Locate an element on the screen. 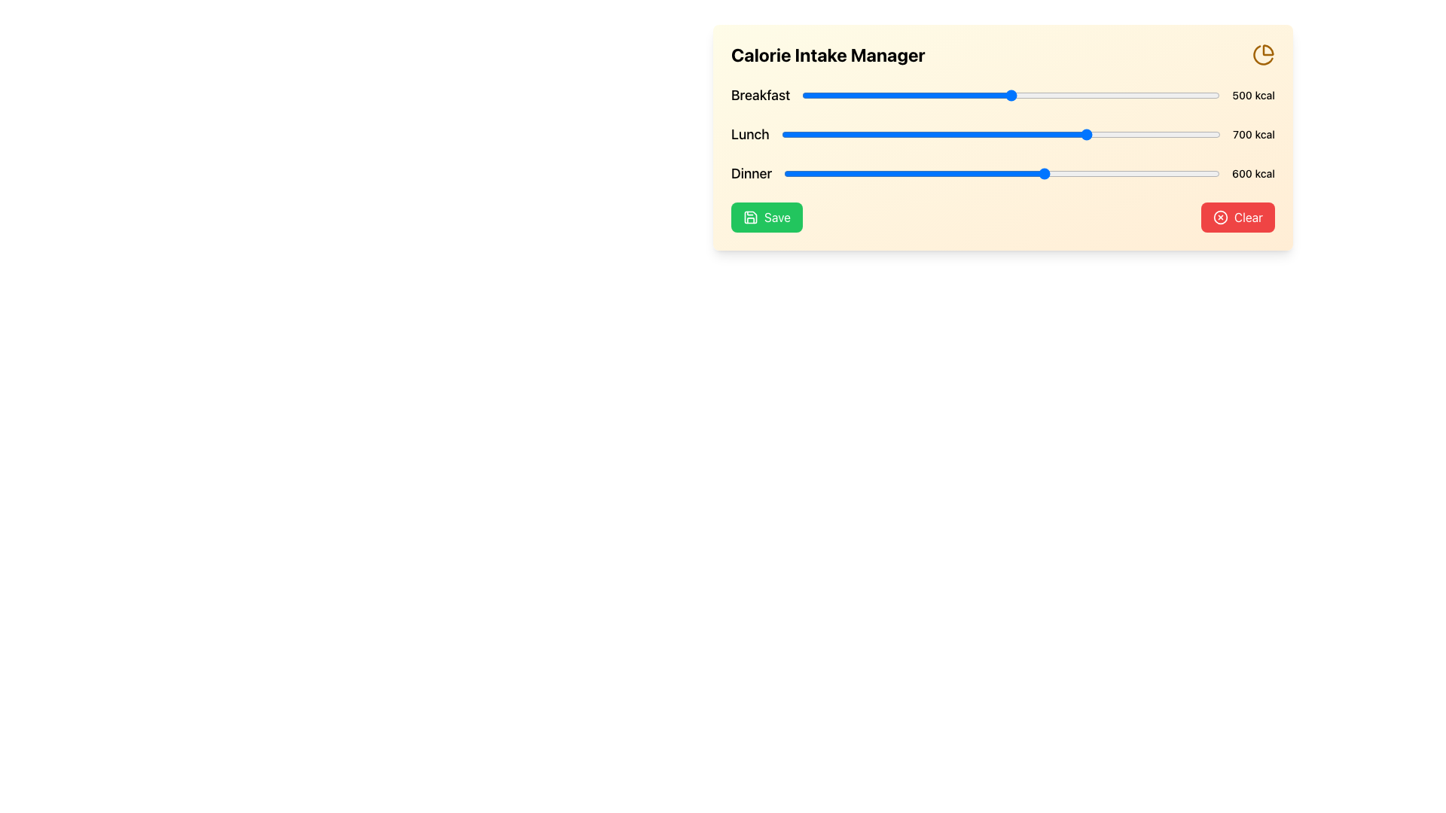 The height and width of the screenshot is (813, 1446). the 'Dinner' label which identifies the associated meal type for the nearby progress bar and calorie count is located at coordinates (752, 173).